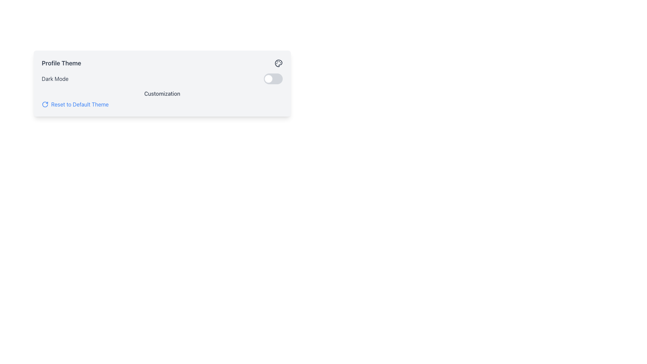 The image size is (647, 364). I want to click on the interactive hyperlink with an icon in the 'Customization' section to reset the theme settings to the default configuration, so click(75, 104).